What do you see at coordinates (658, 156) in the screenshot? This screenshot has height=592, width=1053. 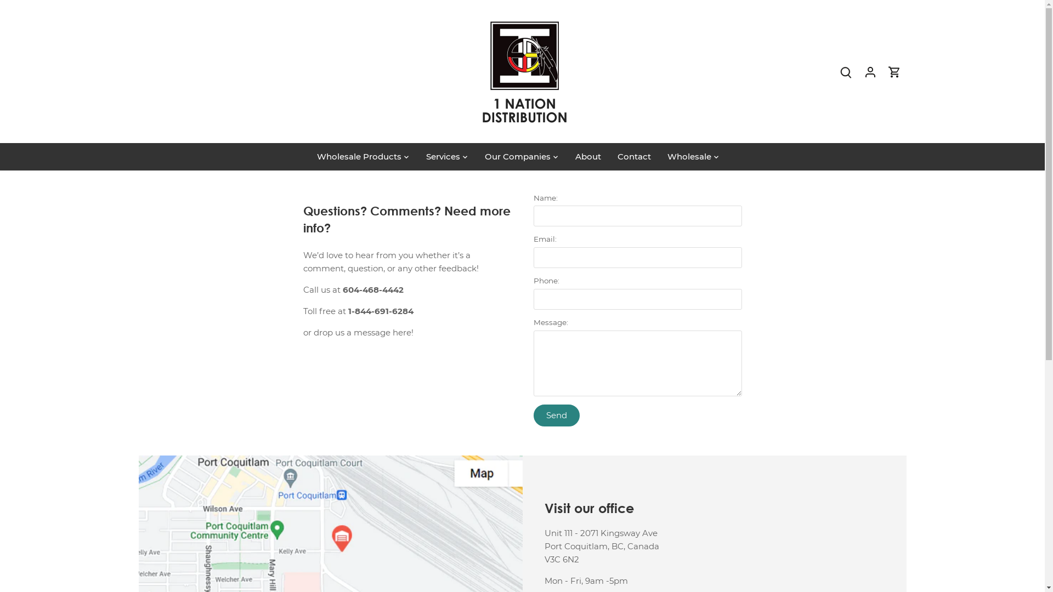 I see `'Wholesale'` at bounding box center [658, 156].